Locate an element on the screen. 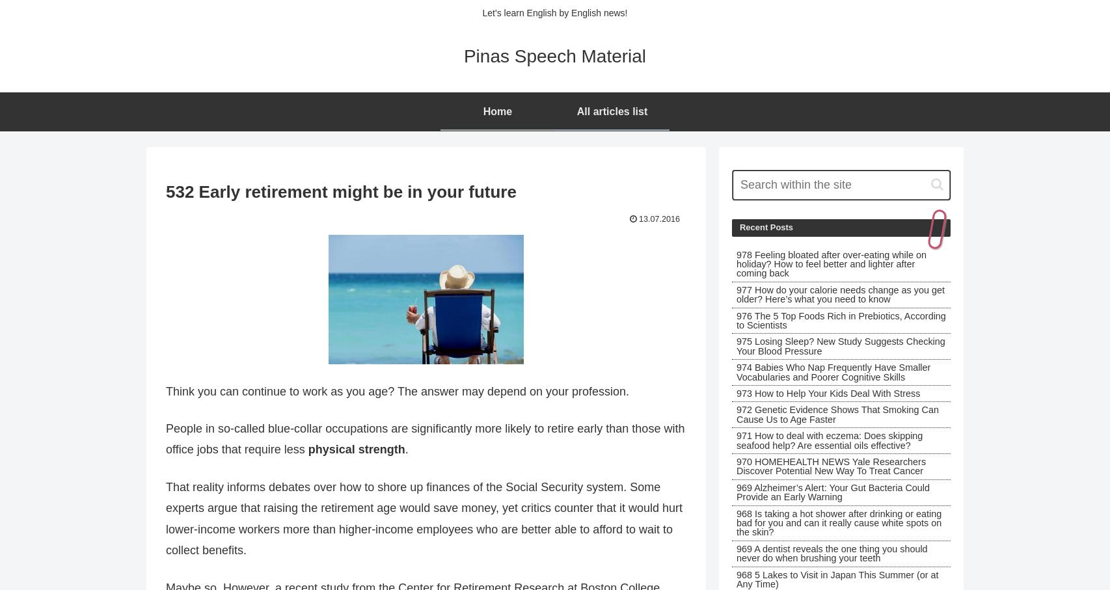 This screenshot has width=1110, height=590. '972 Genetic Evidence Shows That Smoking Can Cause Us to Age Faster' is located at coordinates (837, 414).